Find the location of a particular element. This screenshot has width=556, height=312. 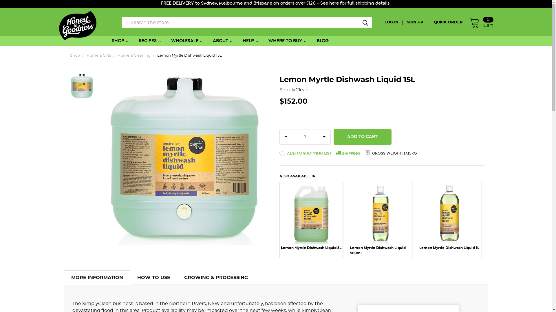

'Home & Gifts' is located at coordinates (98, 55).